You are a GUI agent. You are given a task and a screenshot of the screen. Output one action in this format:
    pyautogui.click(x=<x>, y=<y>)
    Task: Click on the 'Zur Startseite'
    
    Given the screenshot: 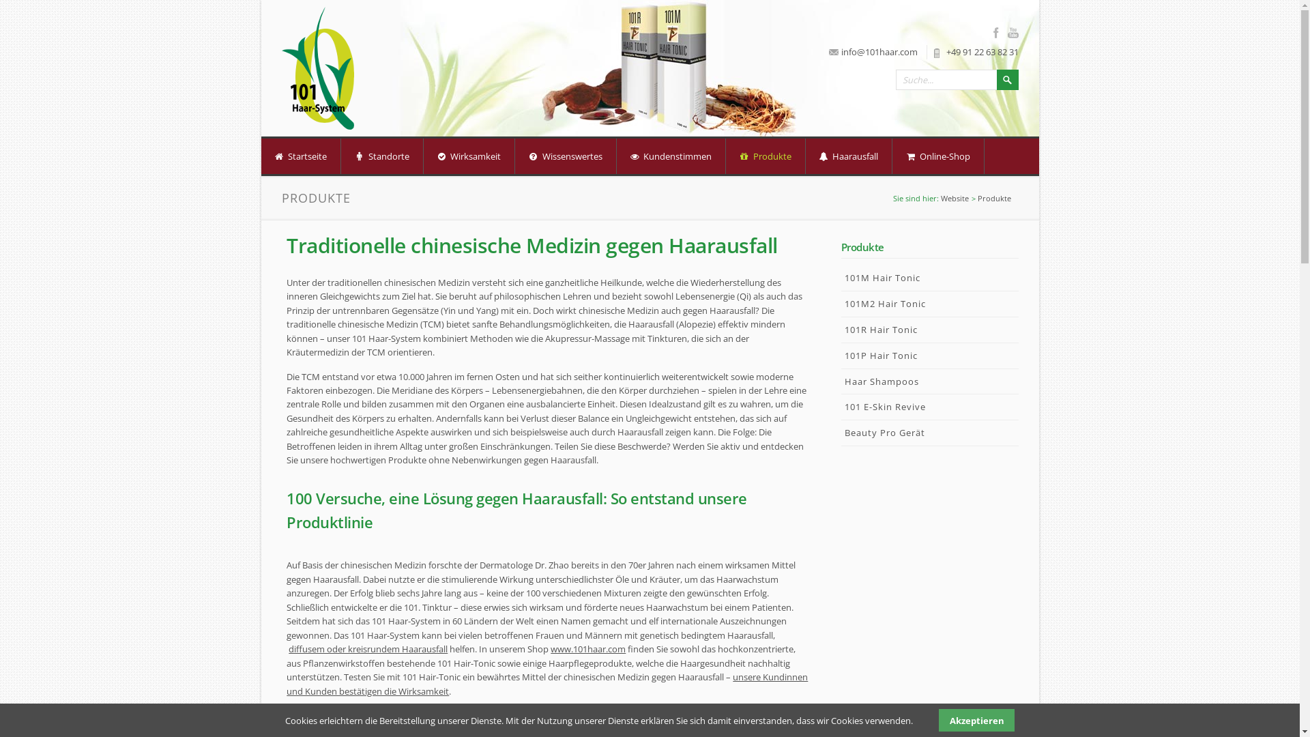 What is the action you would take?
    pyautogui.click(x=317, y=68)
    